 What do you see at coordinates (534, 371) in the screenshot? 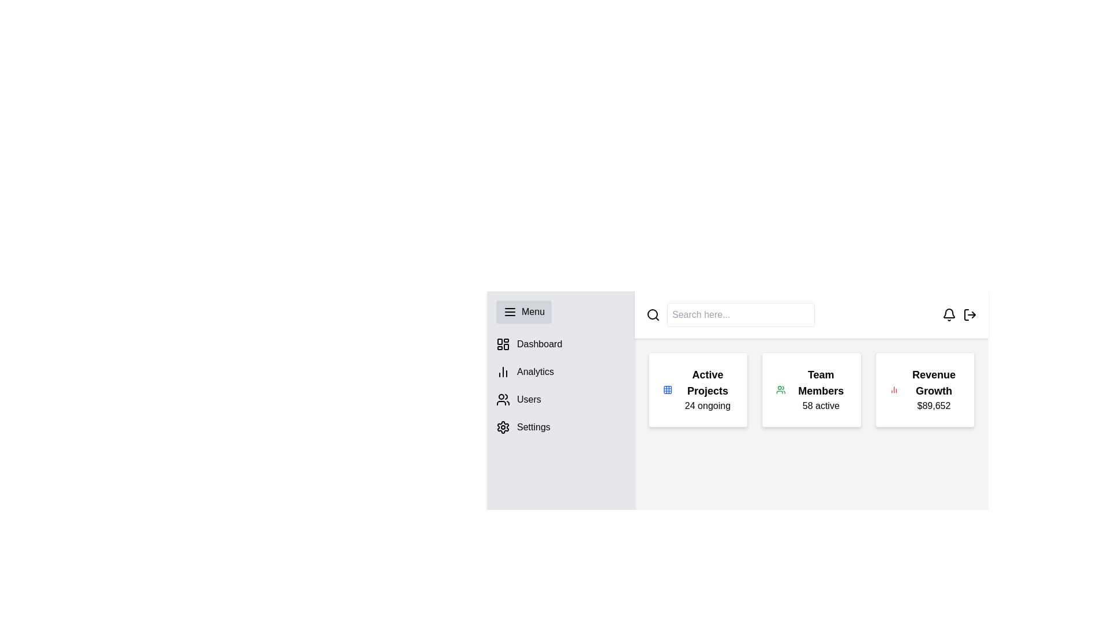
I see `the 'Analytics' text label in the sidebar menu` at bounding box center [534, 371].